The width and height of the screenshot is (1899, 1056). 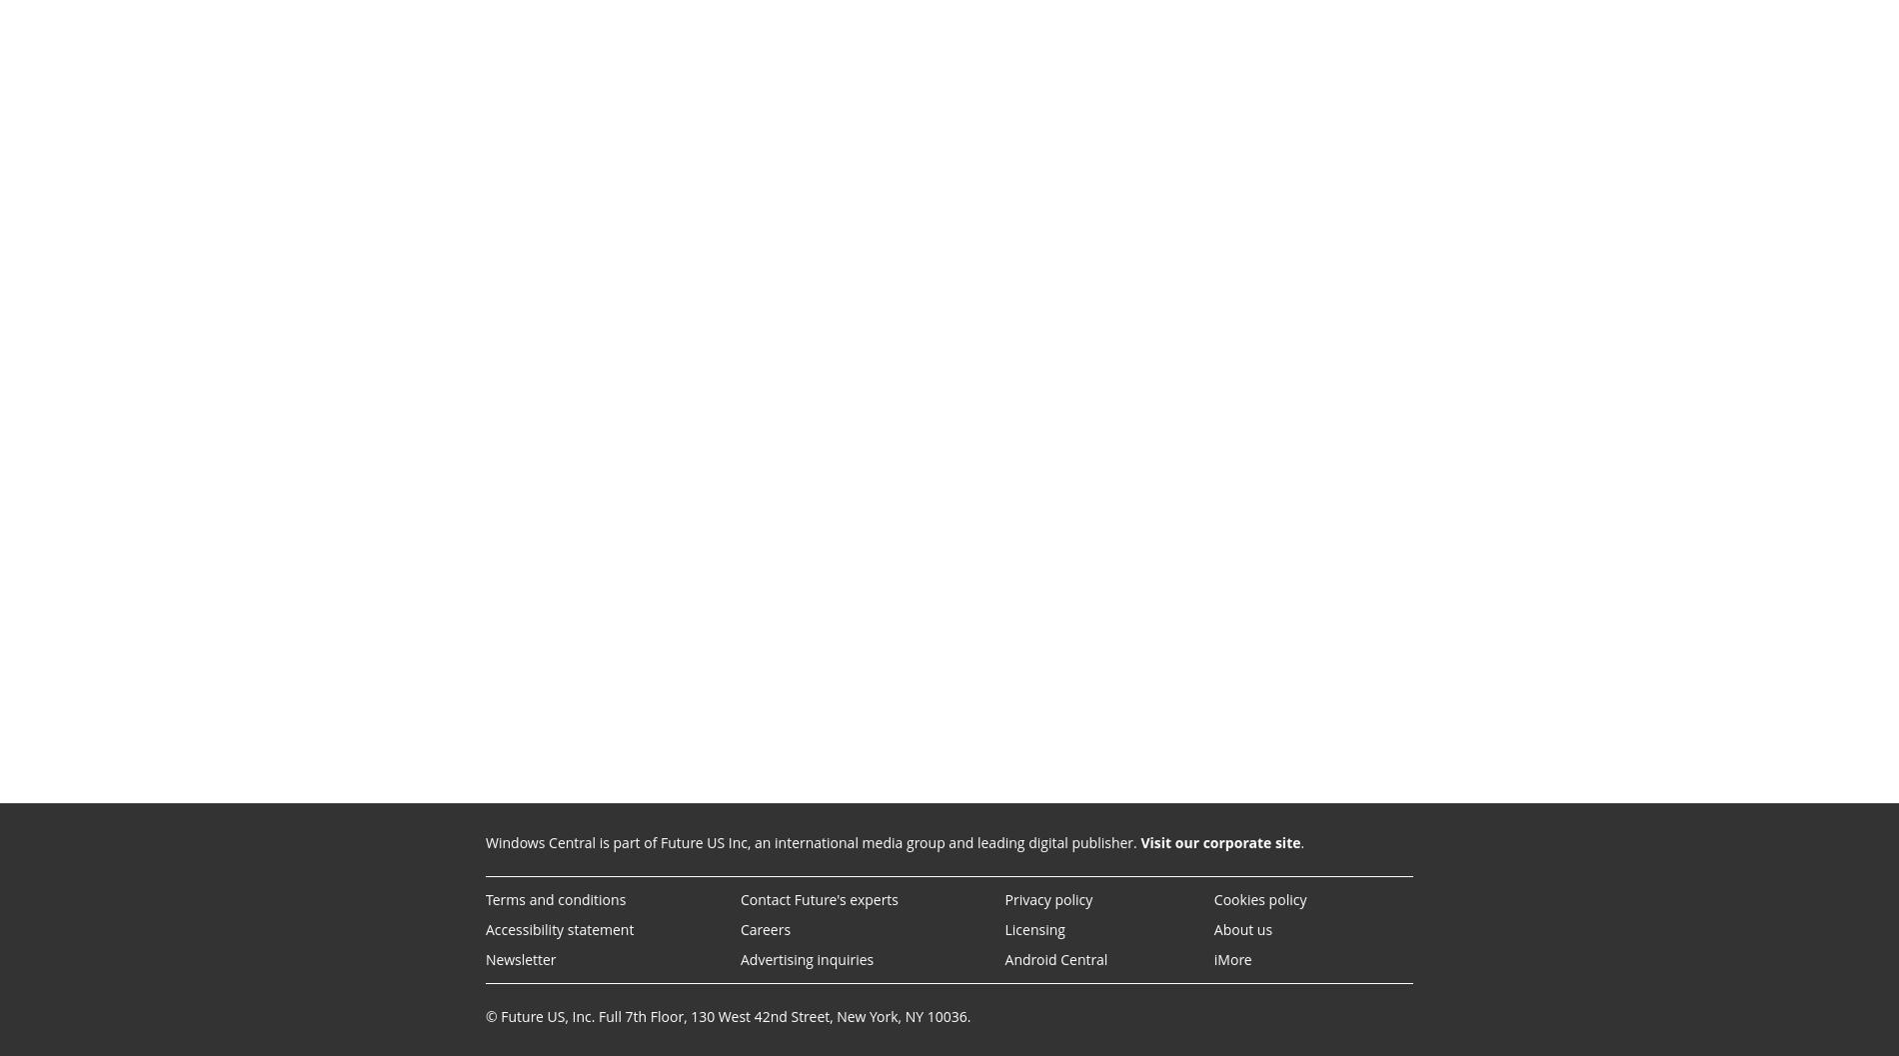 What do you see at coordinates (1218, 841) in the screenshot?
I see `'Visit our corporate site'` at bounding box center [1218, 841].